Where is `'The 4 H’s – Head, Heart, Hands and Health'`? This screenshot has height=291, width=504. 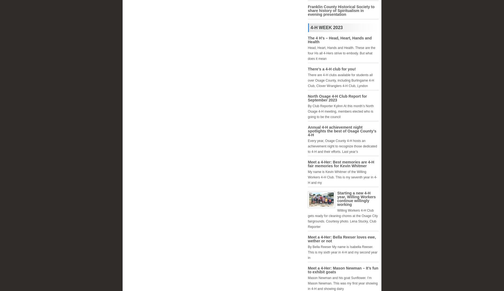 'The 4 H’s – Head, Heart, Hands and Health' is located at coordinates (339, 40).